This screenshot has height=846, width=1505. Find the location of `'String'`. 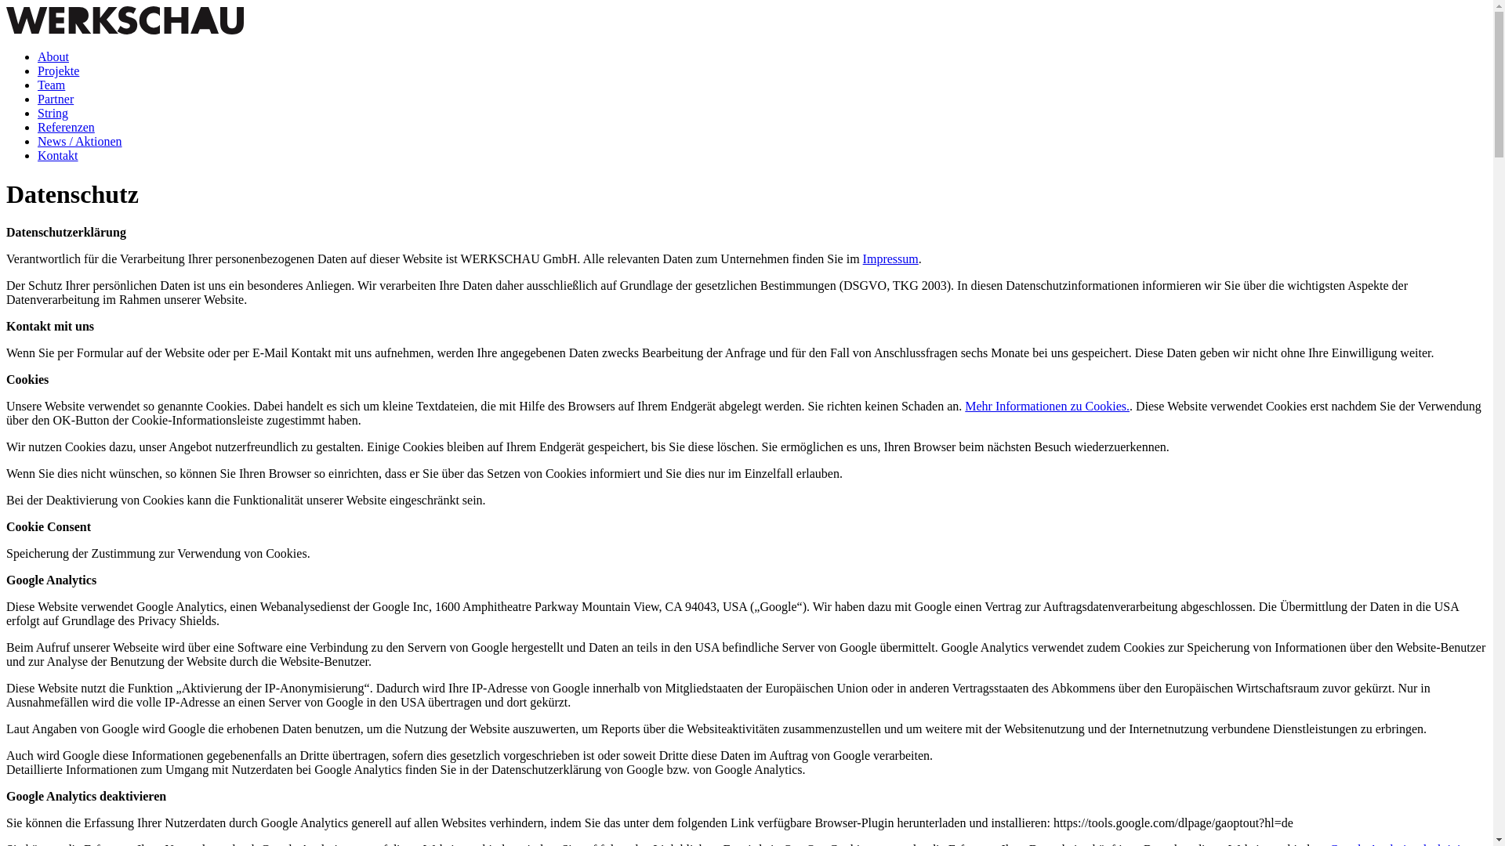

'String' is located at coordinates (53, 112).